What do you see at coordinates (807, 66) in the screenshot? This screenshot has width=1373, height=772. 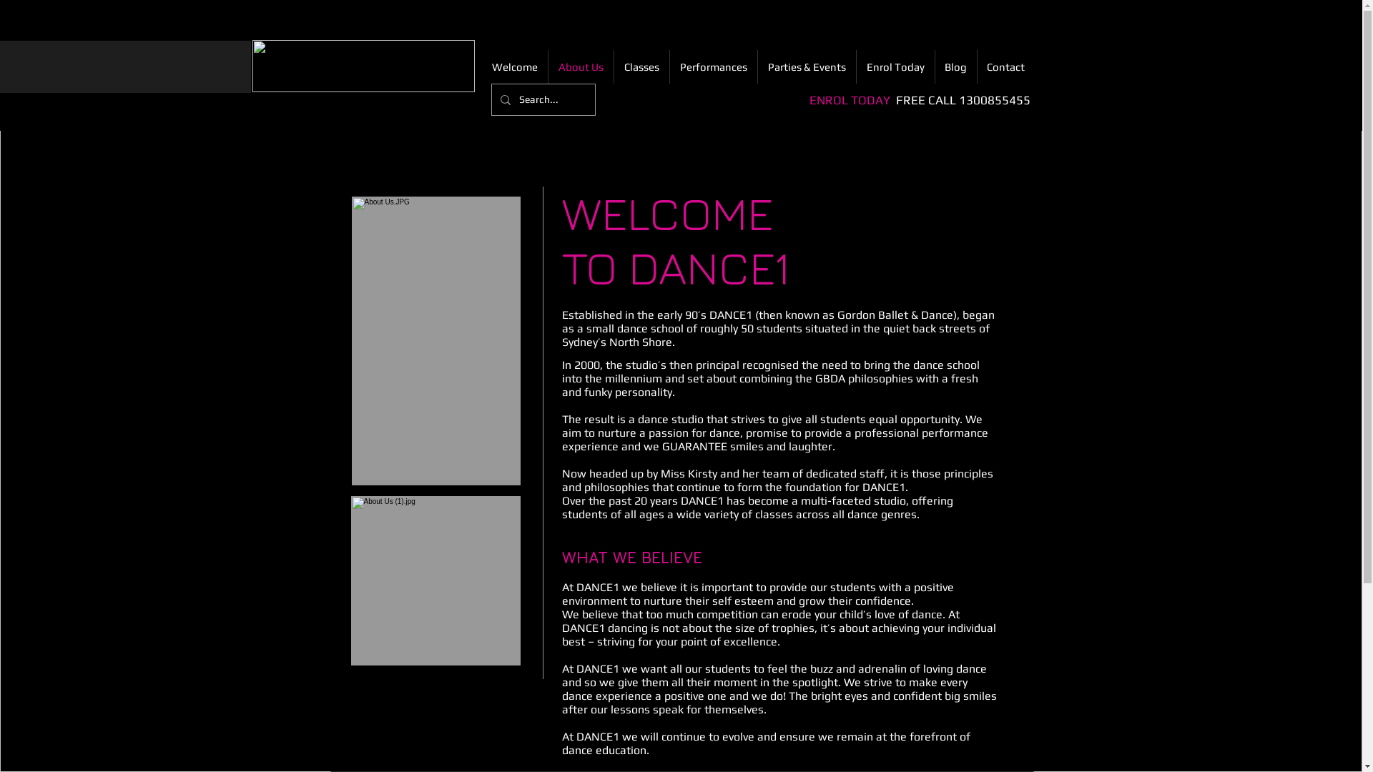 I see `'Parties & Events'` at bounding box center [807, 66].